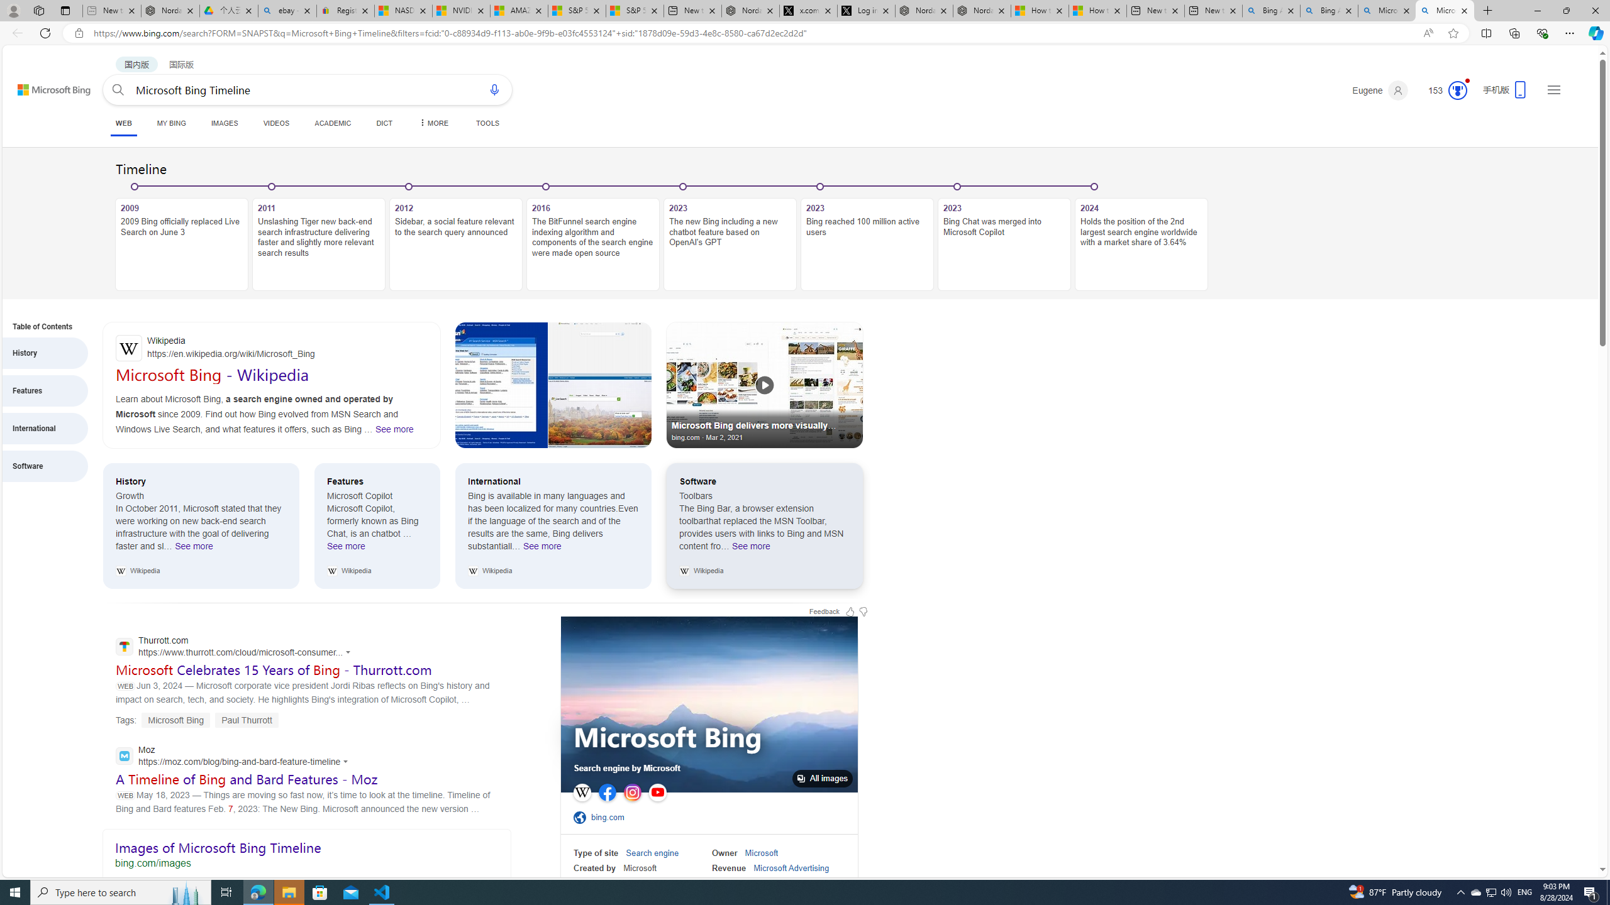 Image resolution: width=1610 pixels, height=905 pixels. What do you see at coordinates (182, 243) in the screenshot?
I see `'2009 2009 Bing officially replaced Live Search on June 3'` at bounding box center [182, 243].